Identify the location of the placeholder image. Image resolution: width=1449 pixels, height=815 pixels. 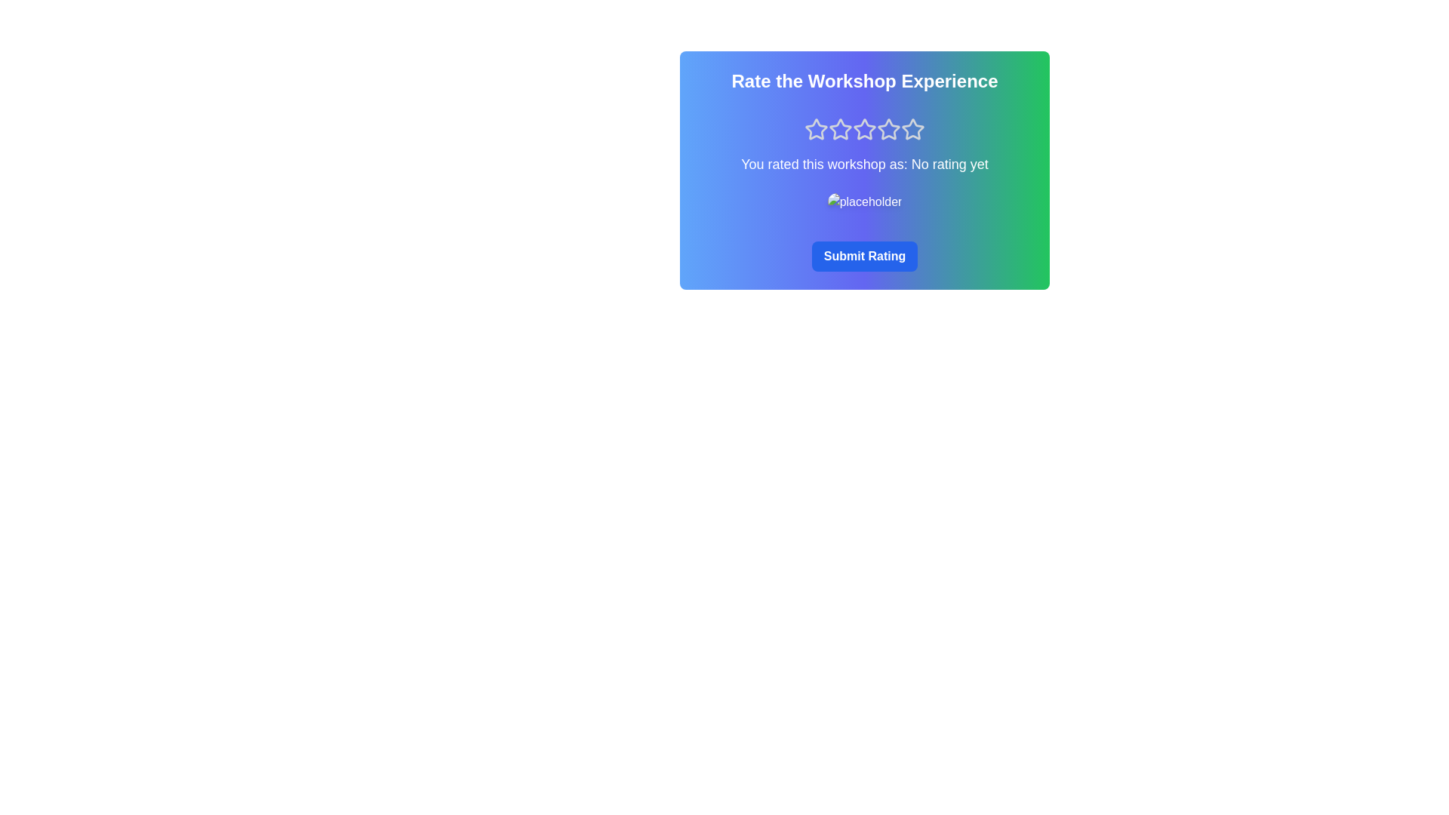
(864, 201).